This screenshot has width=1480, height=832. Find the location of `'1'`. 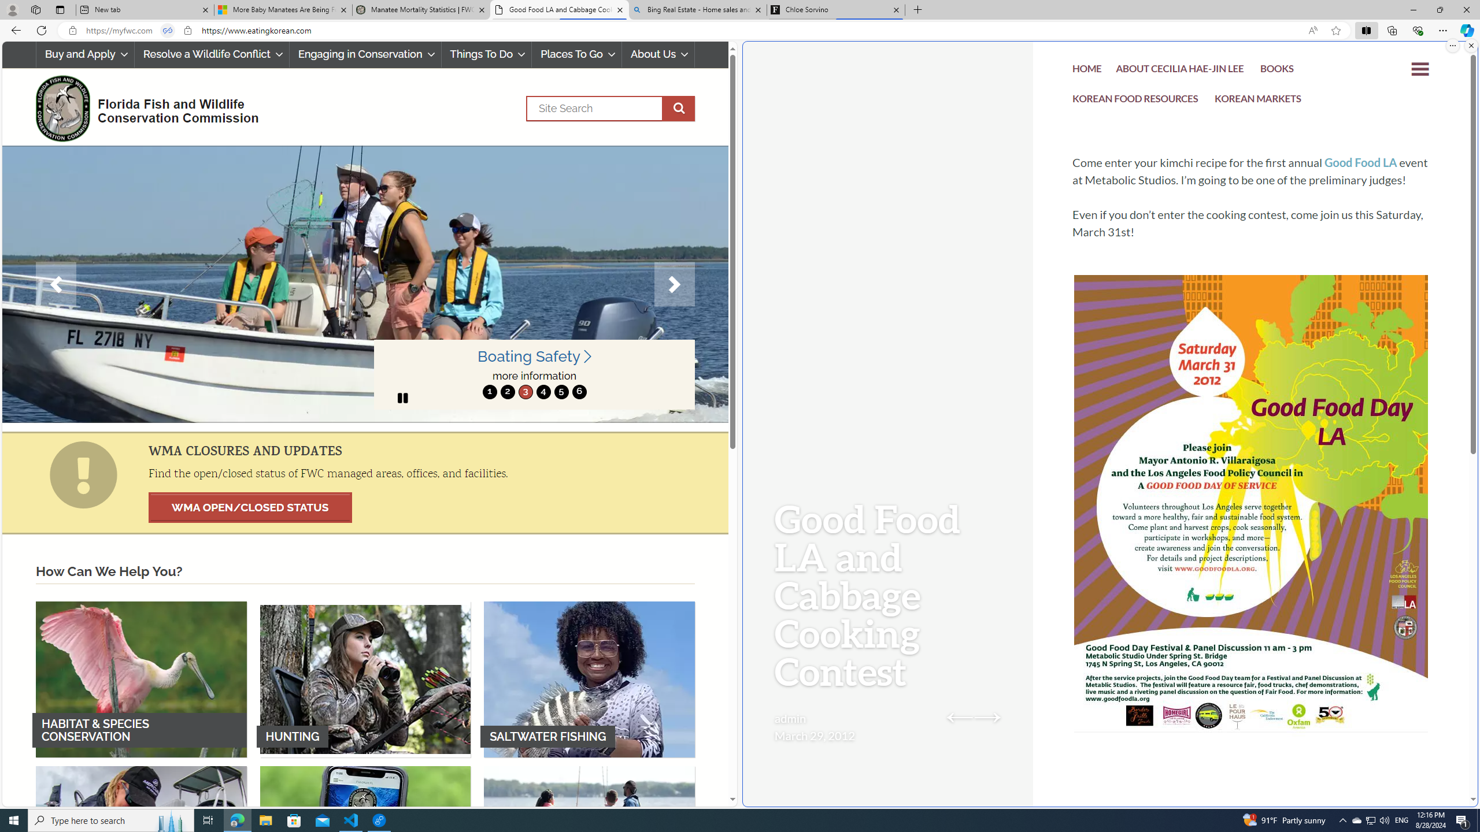

'1' is located at coordinates (490, 391).